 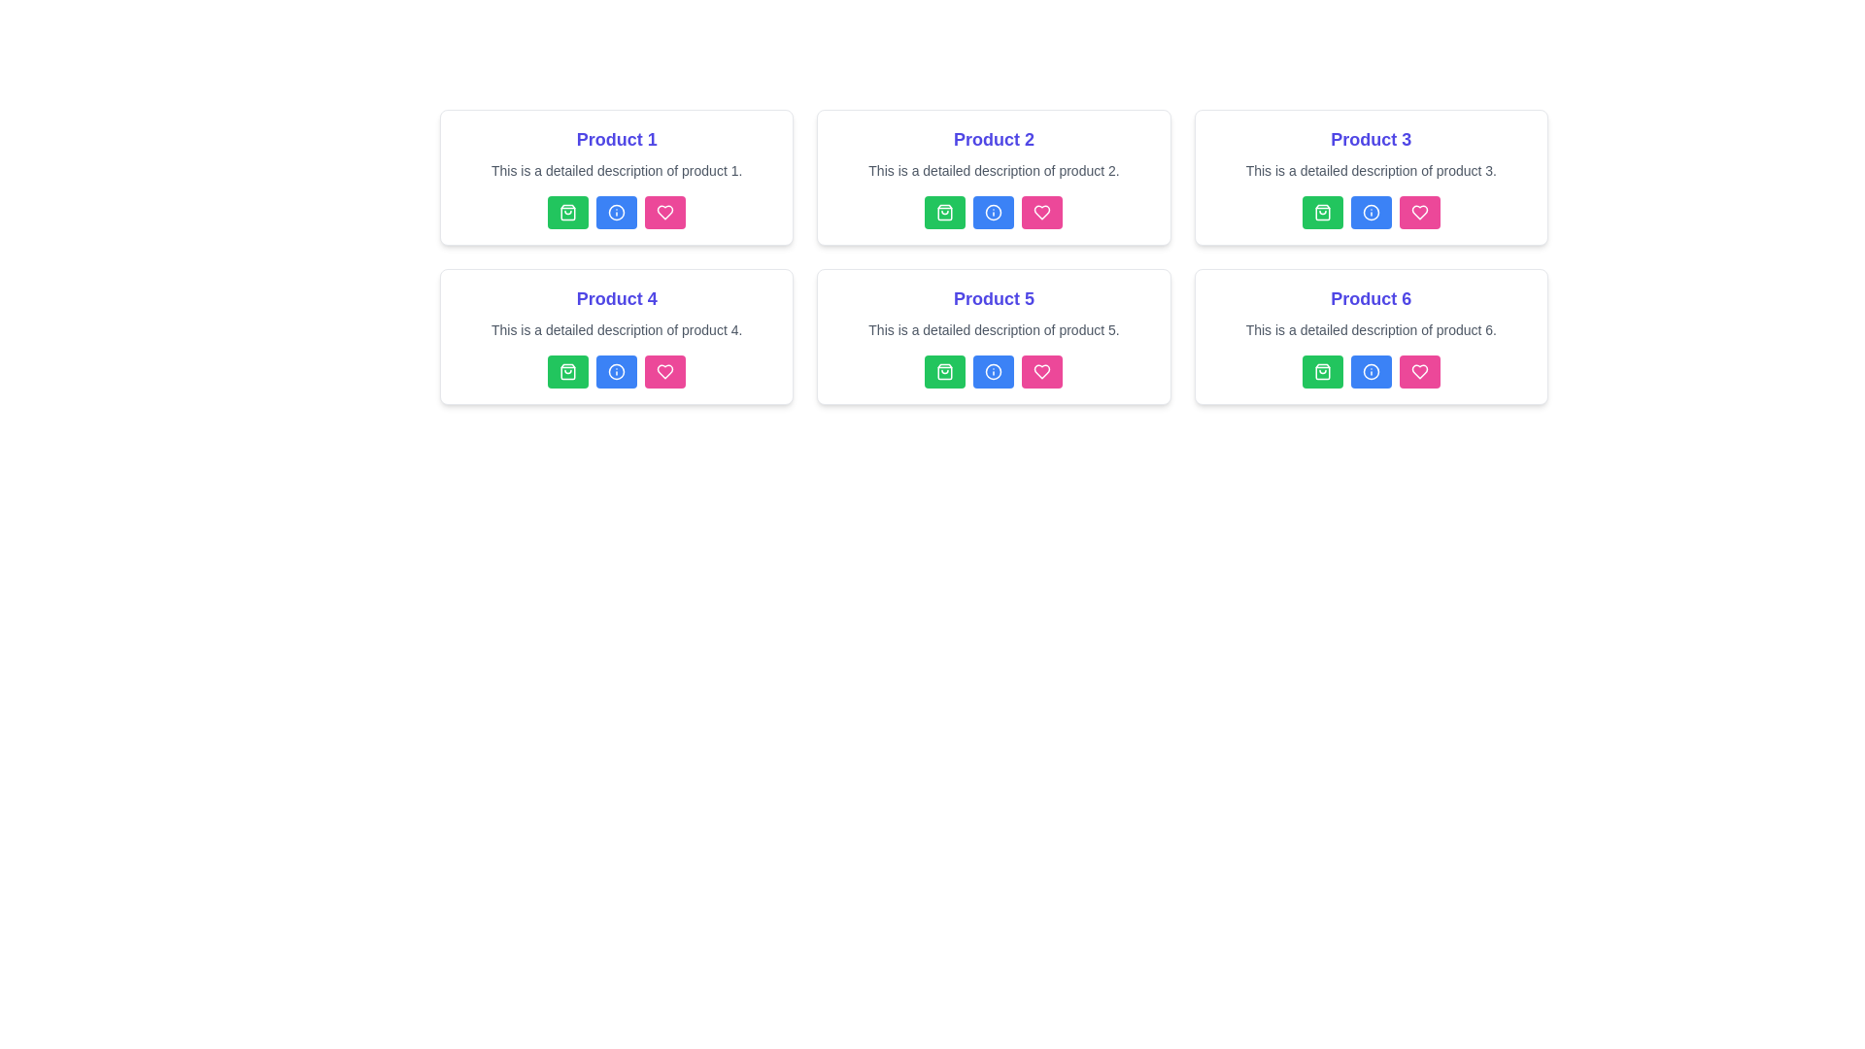 What do you see at coordinates (994, 371) in the screenshot?
I see `the second button` at bounding box center [994, 371].